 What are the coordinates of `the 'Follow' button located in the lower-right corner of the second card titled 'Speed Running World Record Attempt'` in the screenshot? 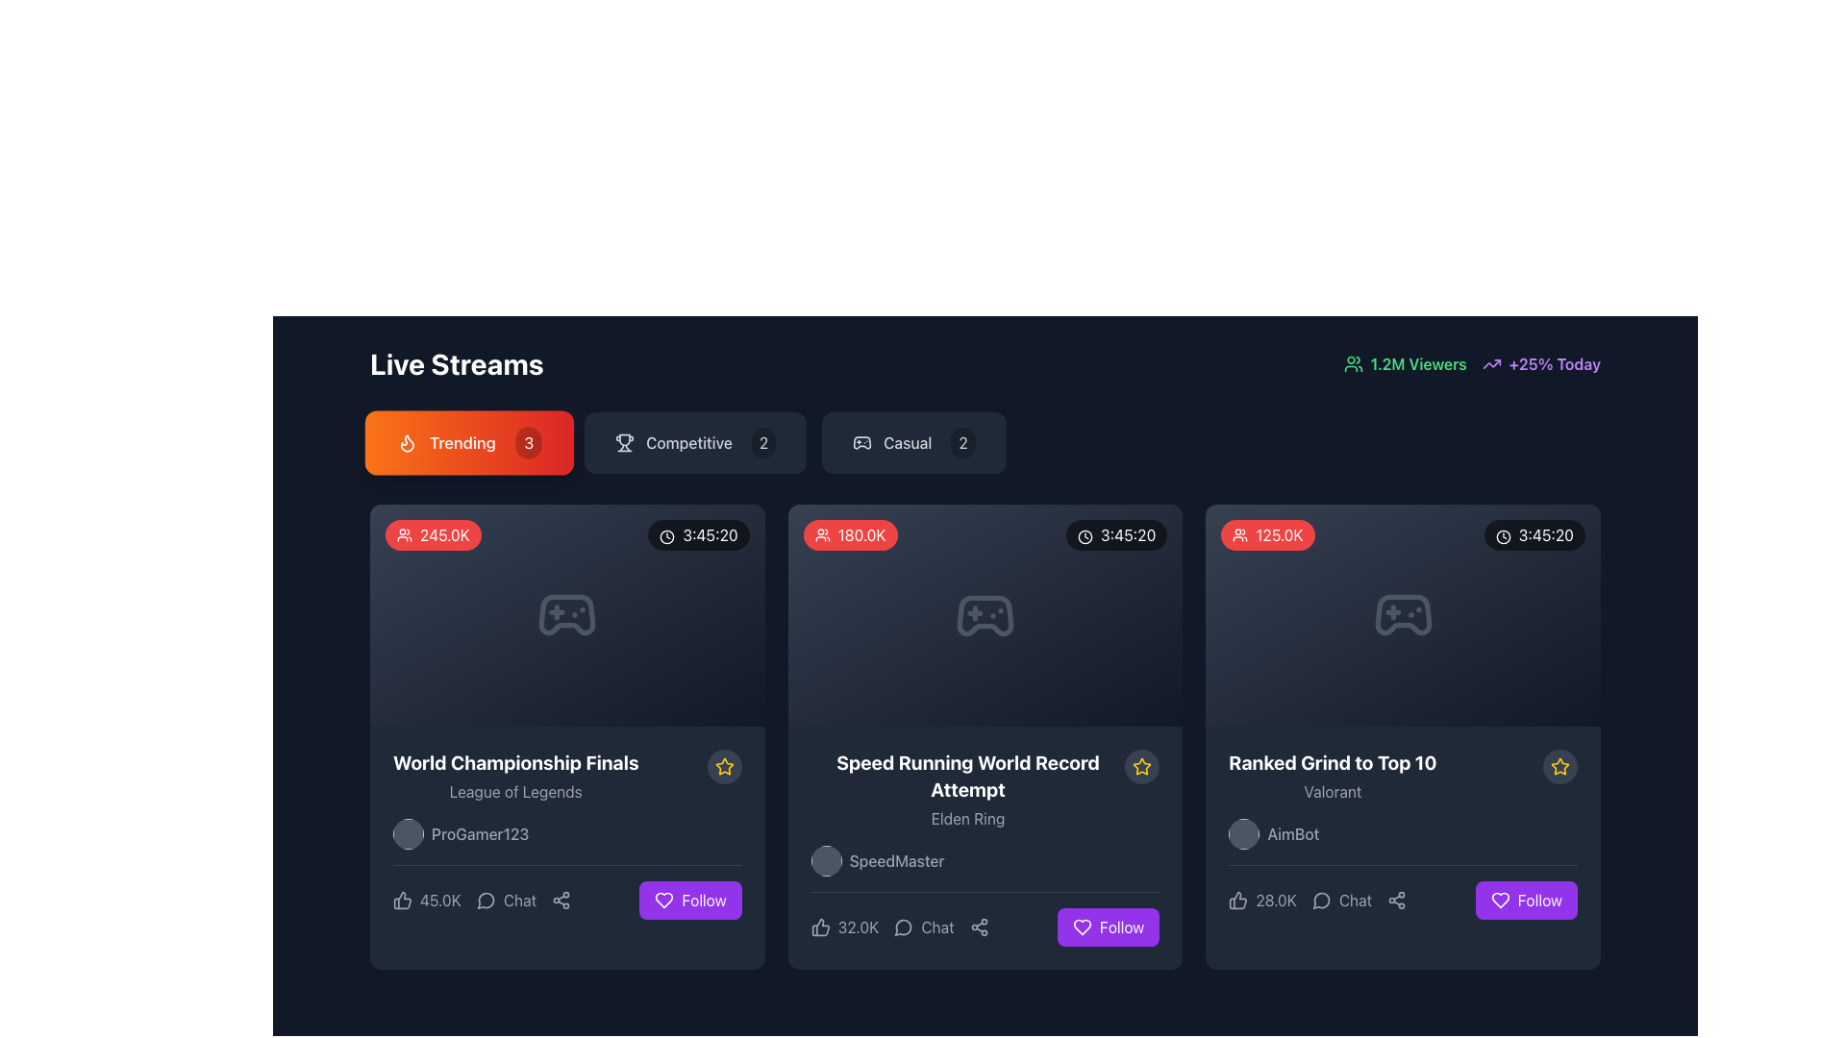 It's located at (1109, 926).